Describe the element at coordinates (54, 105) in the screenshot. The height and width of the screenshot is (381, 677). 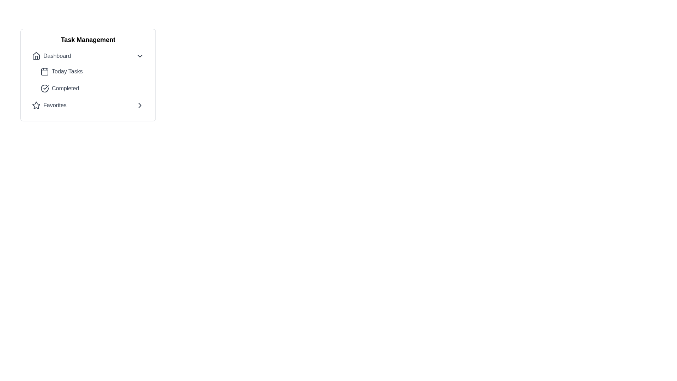
I see `text label 'Favorites' located in the sidebar menu under 'Completed' in the 'Task Management' section` at that location.